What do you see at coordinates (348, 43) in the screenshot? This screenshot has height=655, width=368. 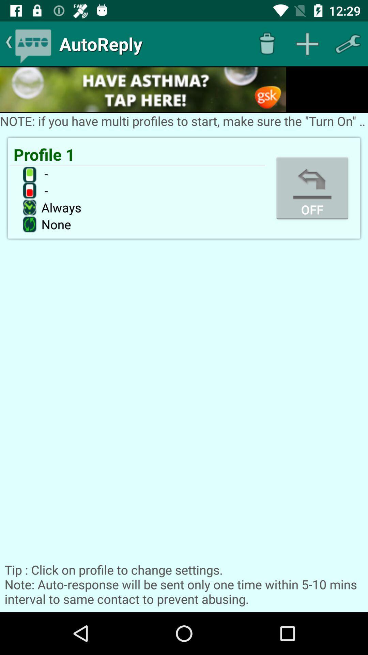 I see `the setting` at bounding box center [348, 43].